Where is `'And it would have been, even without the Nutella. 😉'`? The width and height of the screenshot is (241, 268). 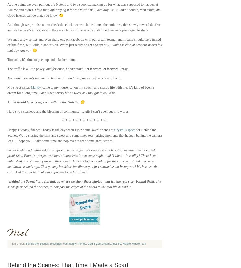 'And it would have been, even without the Nutella. 😉' is located at coordinates (7, 102).